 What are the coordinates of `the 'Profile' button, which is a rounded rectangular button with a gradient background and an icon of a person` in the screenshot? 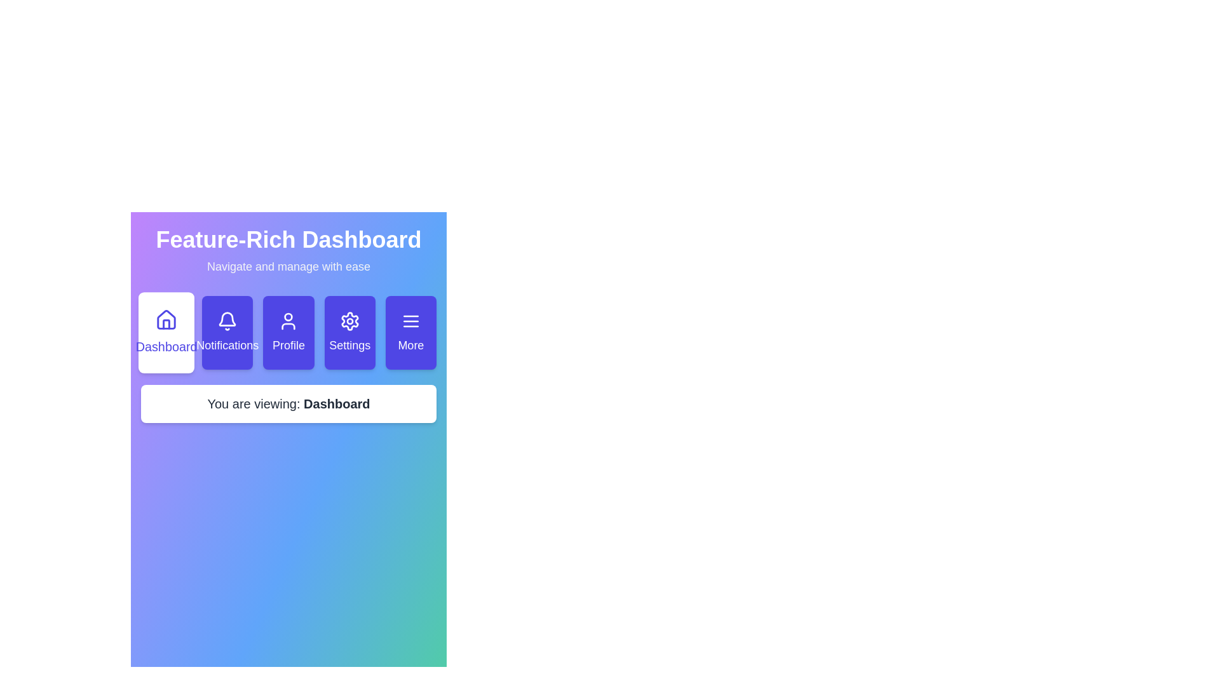 It's located at (288, 332).